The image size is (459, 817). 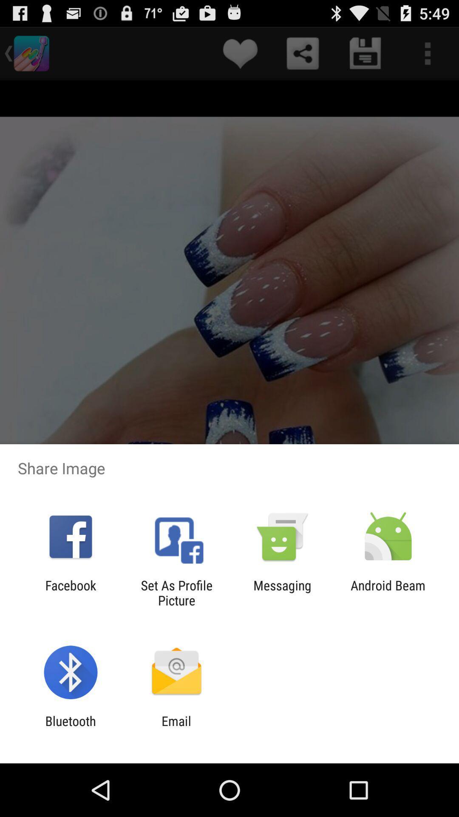 What do you see at coordinates (282, 592) in the screenshot?
I see `messaging` at bounding box center [282, 592].